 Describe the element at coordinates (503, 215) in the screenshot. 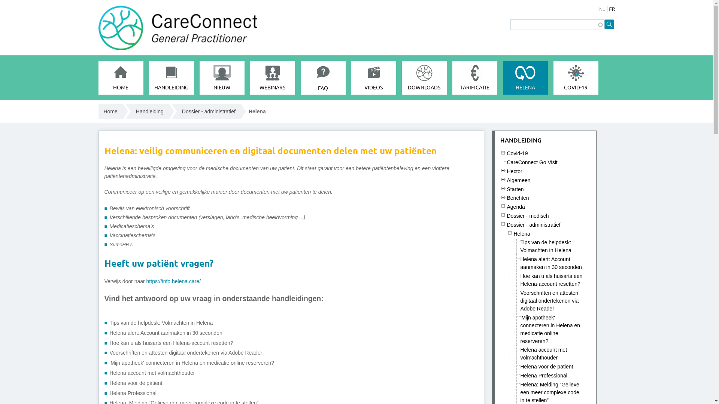

I see `' '` at that location.